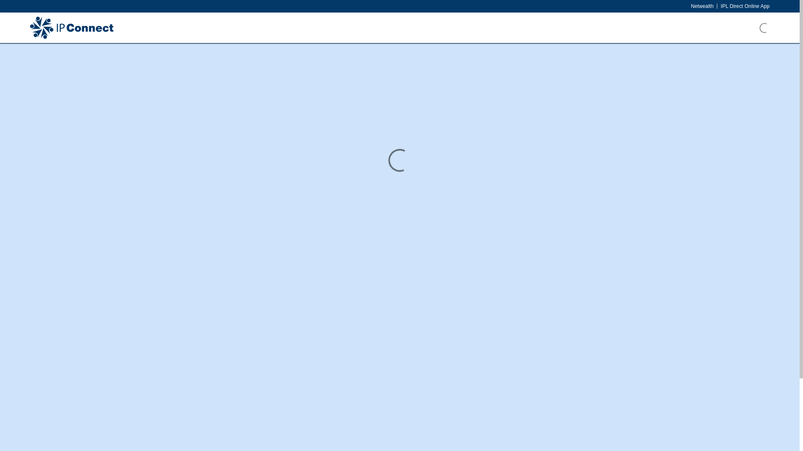 The image size is (803, 451). What do you see at coordinates (745, 6) in the screenshot?
I see `'IPL Direct Online App'` at bounding box center [745, 6].